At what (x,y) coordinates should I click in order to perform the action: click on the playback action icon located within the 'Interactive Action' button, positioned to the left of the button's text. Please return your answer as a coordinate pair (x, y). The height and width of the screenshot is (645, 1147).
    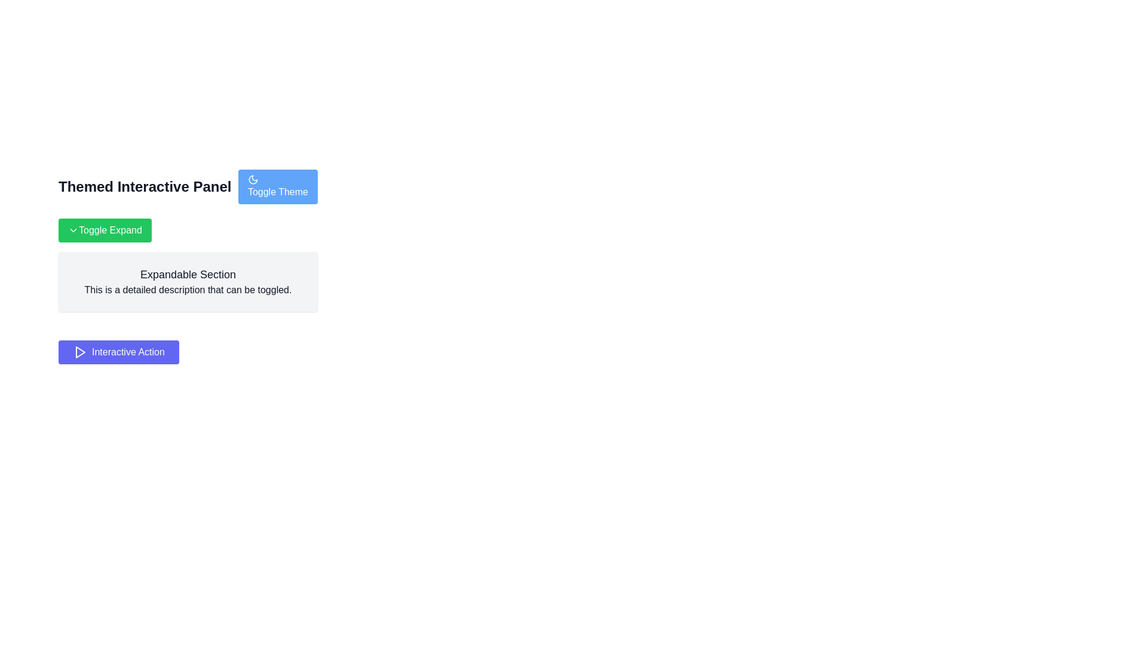
    Looking at the image, I should click on (79, 352).